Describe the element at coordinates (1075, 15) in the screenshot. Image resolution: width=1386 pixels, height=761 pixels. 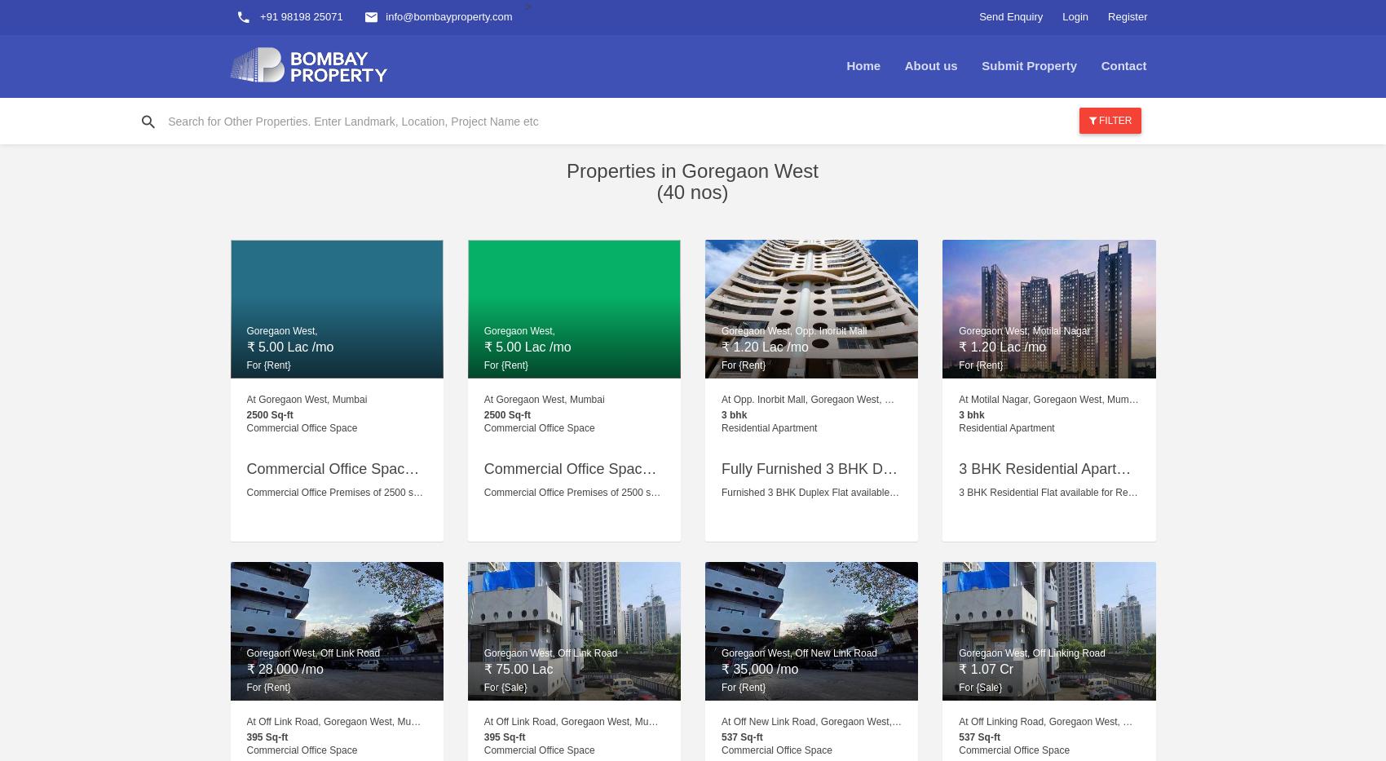
I see `'Login'` at that location.